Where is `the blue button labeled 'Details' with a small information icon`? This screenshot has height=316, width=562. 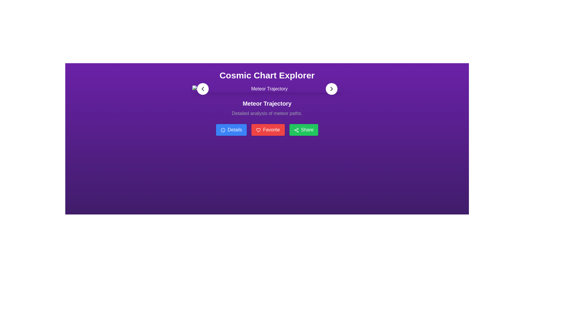
the blue button labeled 'Details' with a small information icon is located at coordinates (231, 129).